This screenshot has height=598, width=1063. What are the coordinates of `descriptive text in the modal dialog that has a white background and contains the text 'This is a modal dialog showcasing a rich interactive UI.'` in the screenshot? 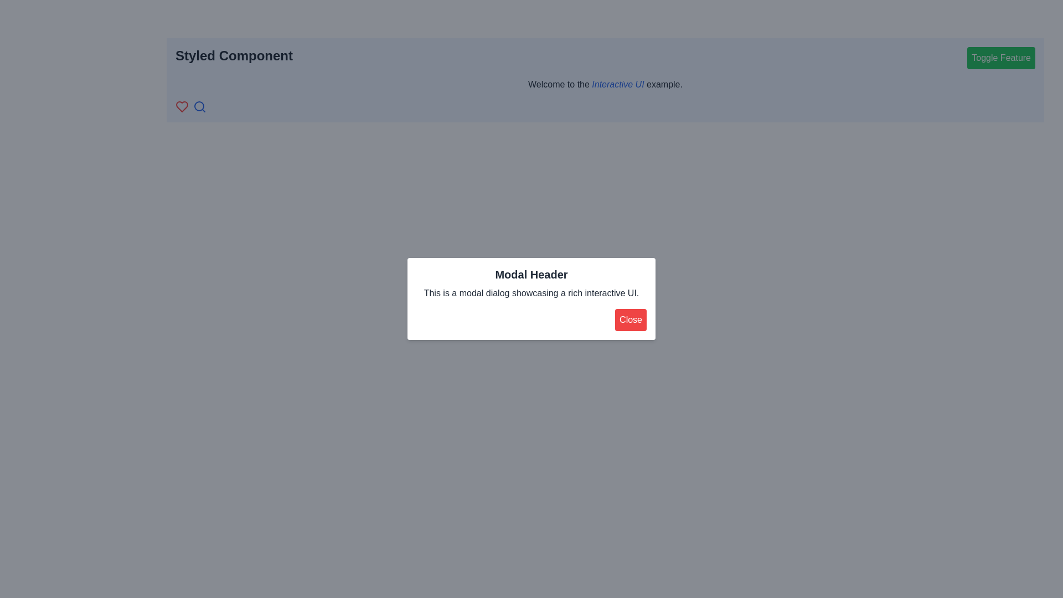 It's located at (531, 299).